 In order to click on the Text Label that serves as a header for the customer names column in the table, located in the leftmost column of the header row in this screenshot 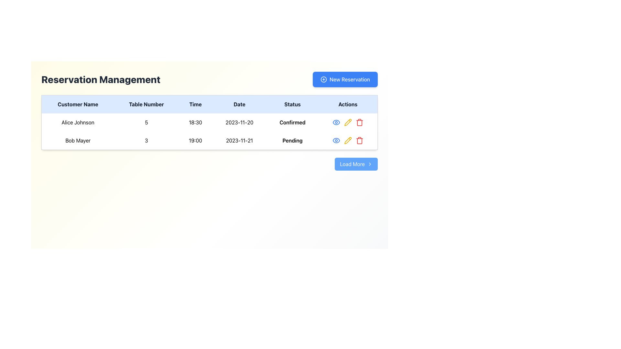, I will do `click(78, 104)`.